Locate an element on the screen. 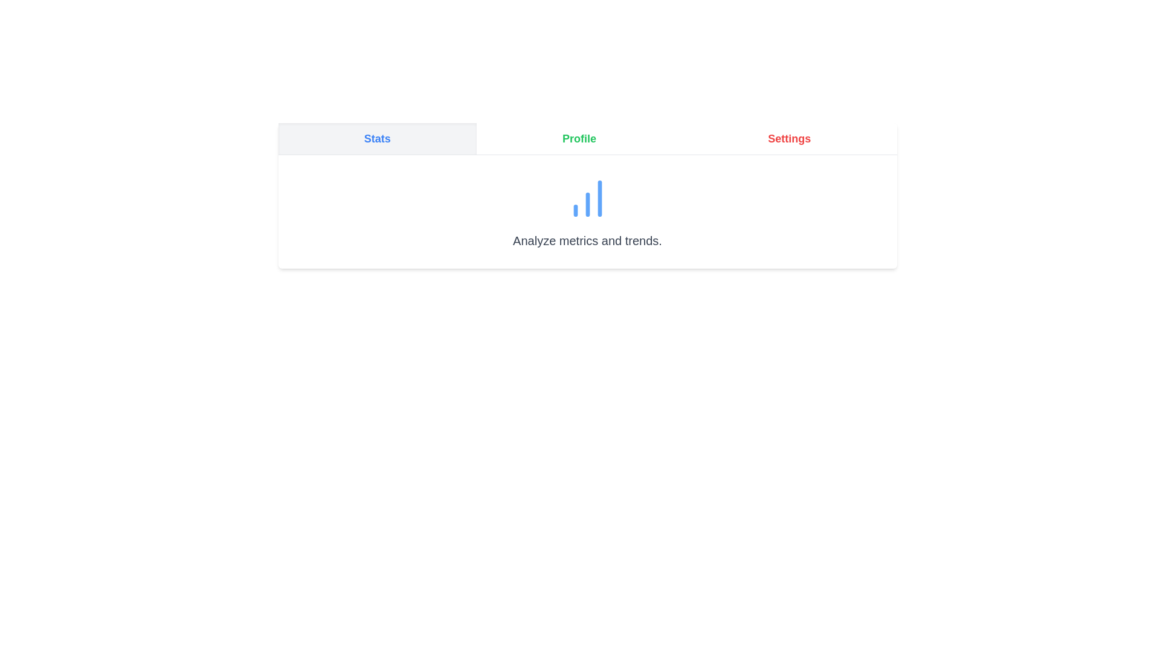  the graphical icon in the informational group that serves as a header for summarizing data metrics and trends is located at coordinates (587, 211).